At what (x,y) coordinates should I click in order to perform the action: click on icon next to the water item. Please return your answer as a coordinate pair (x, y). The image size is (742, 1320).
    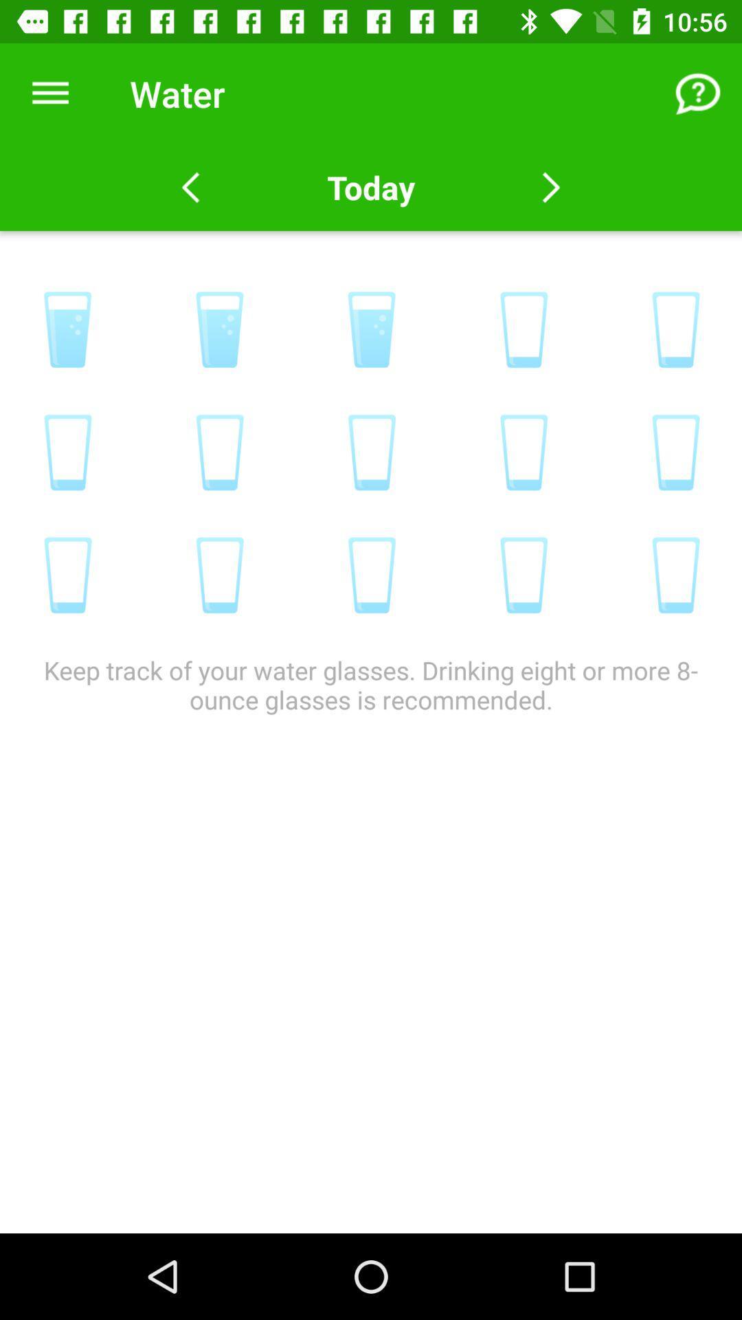
    Looking at the image, I should click on (49, 93).